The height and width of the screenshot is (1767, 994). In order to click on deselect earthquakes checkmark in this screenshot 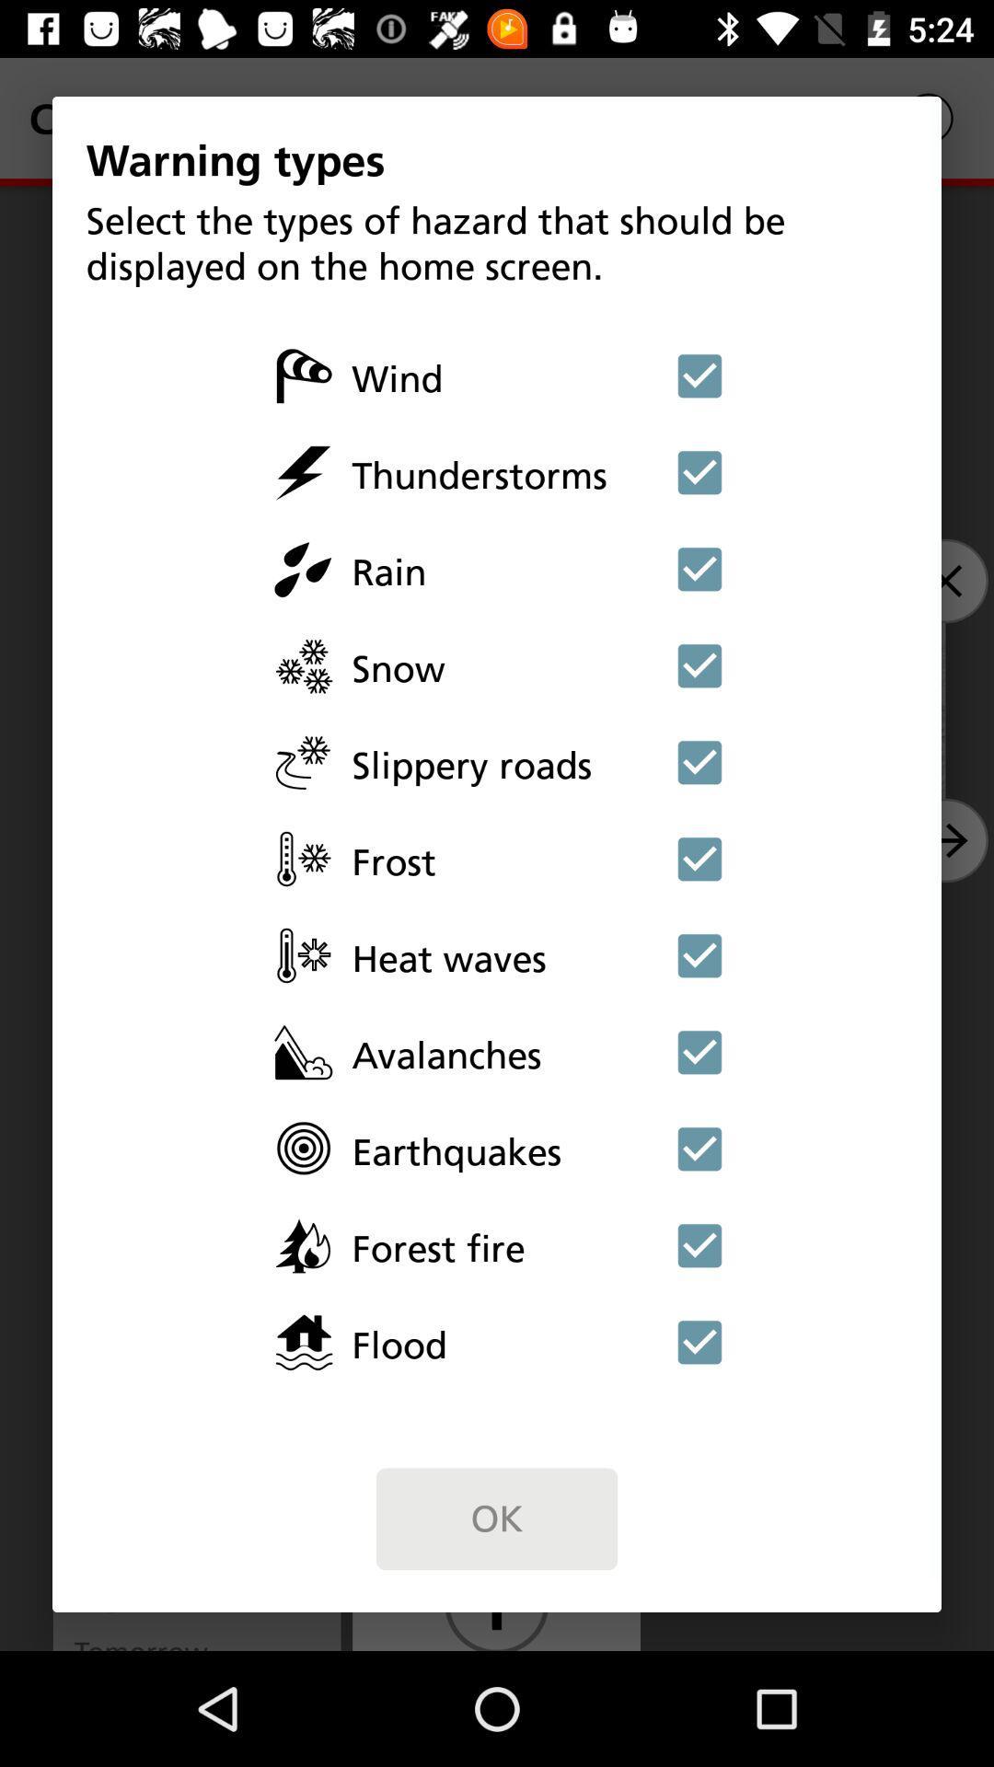, I will do `click(699, 1148)`.